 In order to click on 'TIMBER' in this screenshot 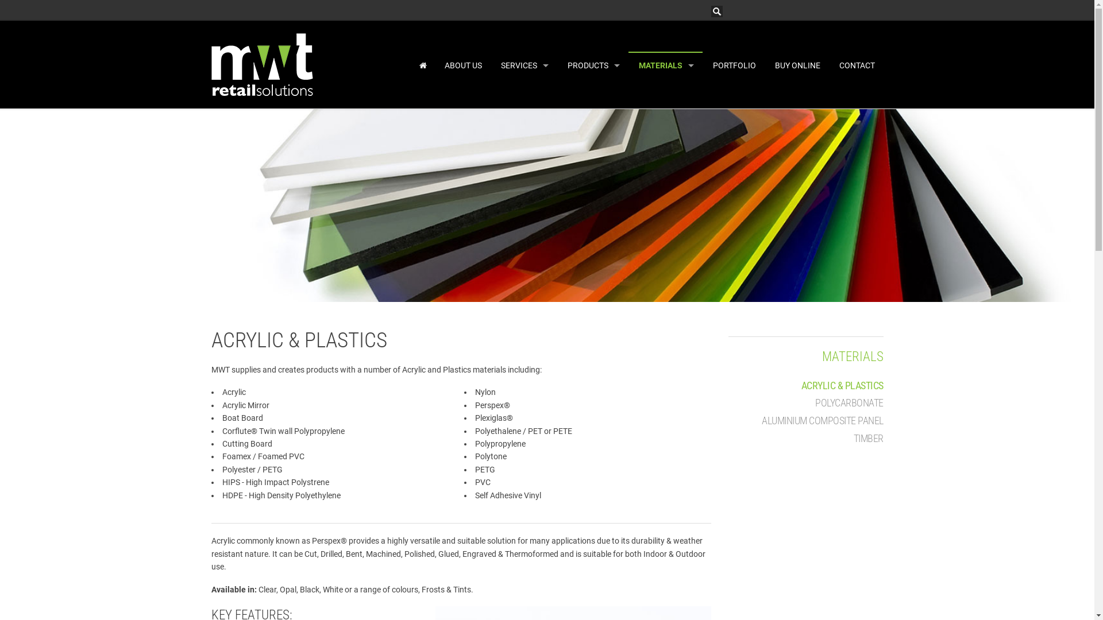, I will do `click(869, 438)`.